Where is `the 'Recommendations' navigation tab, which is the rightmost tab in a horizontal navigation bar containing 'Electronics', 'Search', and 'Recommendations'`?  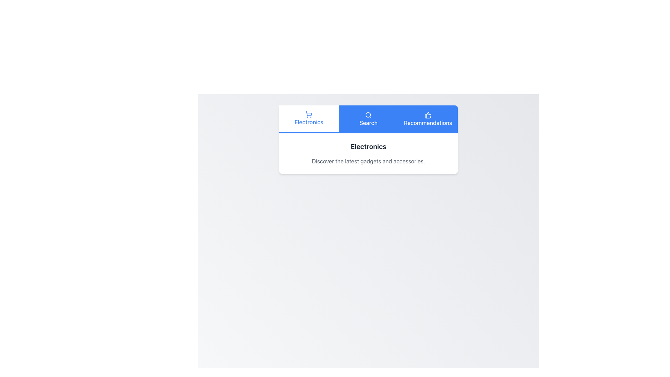
the 'Recommendations' navigation tab, which is the rightmost tab in a horizontal navigation bar containing 'Electronics', 'Search', and 'Recommendations' is located at coordinates (427, 122).